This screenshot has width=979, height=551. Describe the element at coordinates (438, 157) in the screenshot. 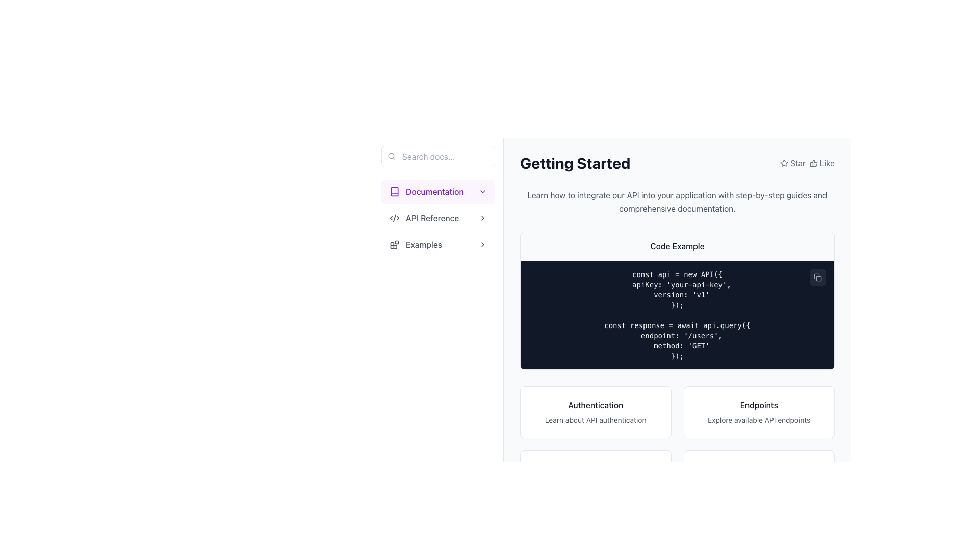

I see `the Search input box located at the top of the sidebar` at that location.